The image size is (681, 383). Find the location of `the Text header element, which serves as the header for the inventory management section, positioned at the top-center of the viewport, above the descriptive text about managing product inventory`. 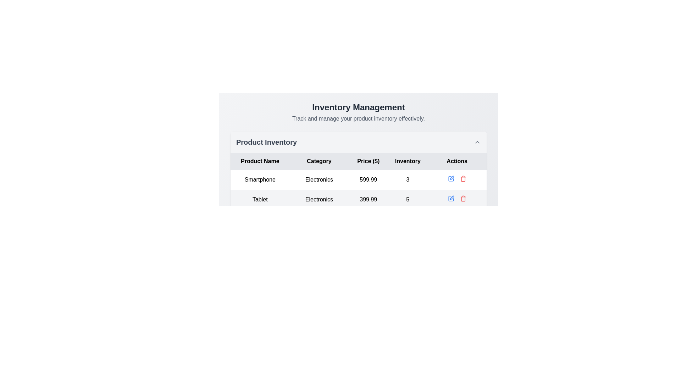

the Text header element, which serves as the header for the inventory management section, positioned at the top-center of the viewport, above the descriptive text about managing product inventory is located at coordinates (359, 107).